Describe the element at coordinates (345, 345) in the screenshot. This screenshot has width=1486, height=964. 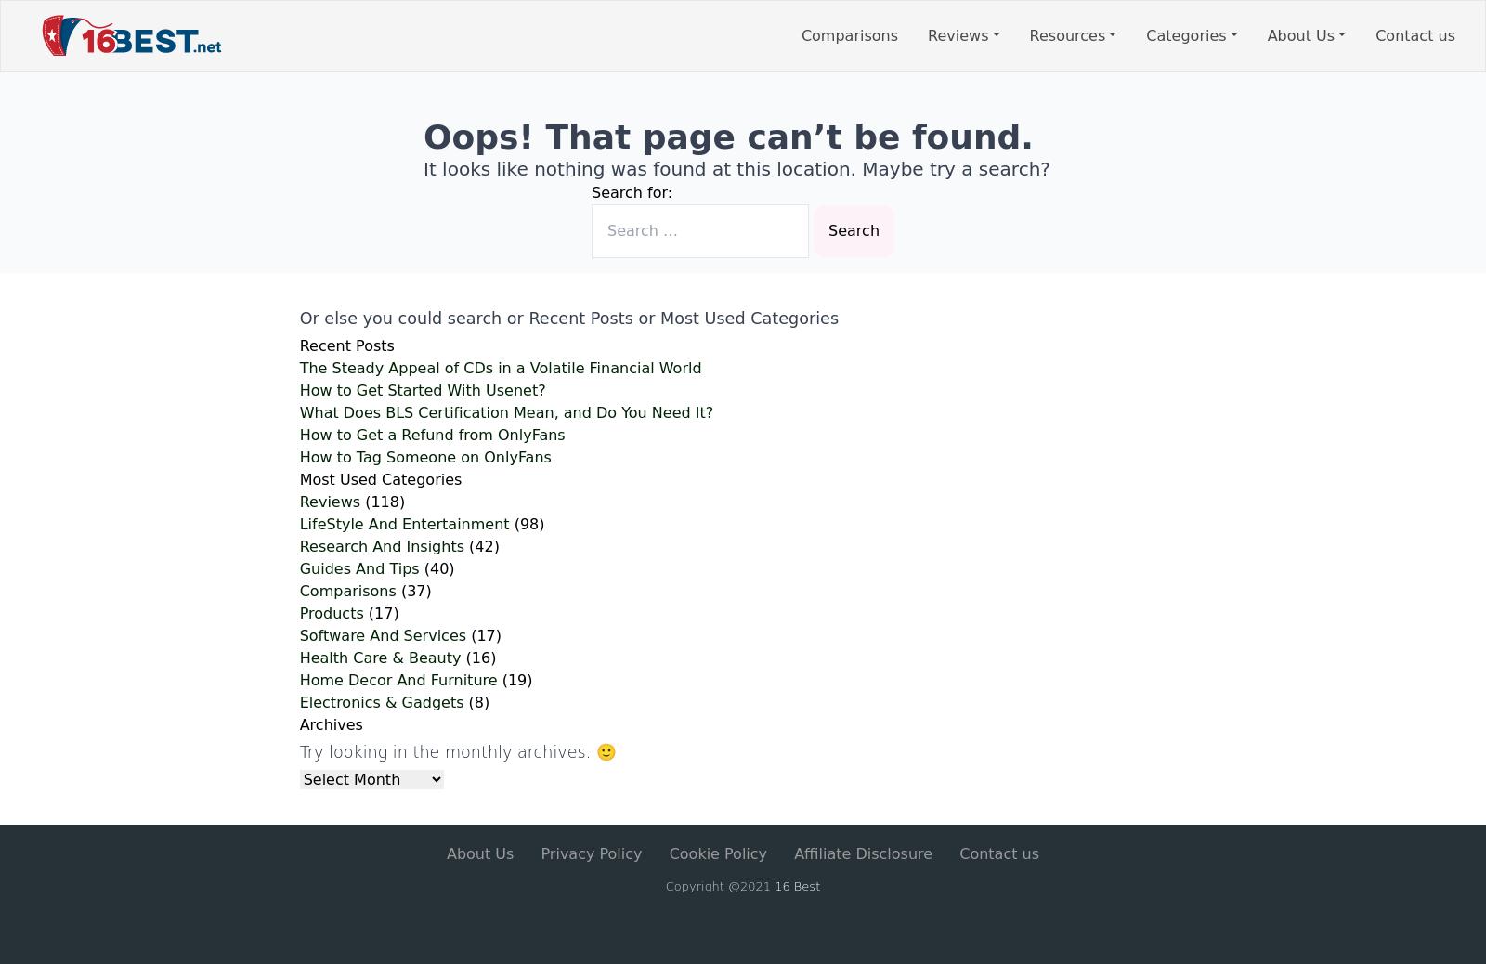
I see `'Recent Posts'` at that location.